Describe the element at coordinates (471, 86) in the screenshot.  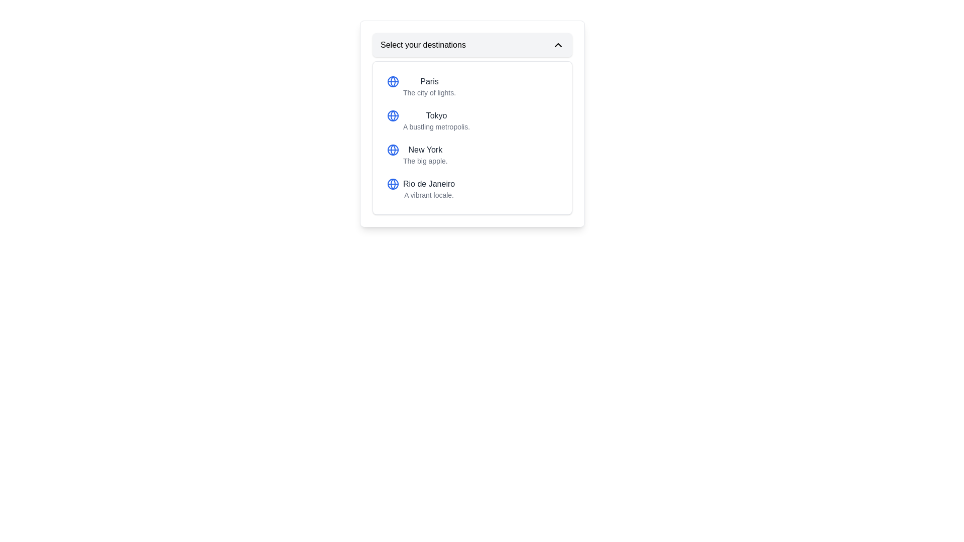
I see `the first list item that provides information about Paris as a destination, located in a vertical list of destinations` at that location.